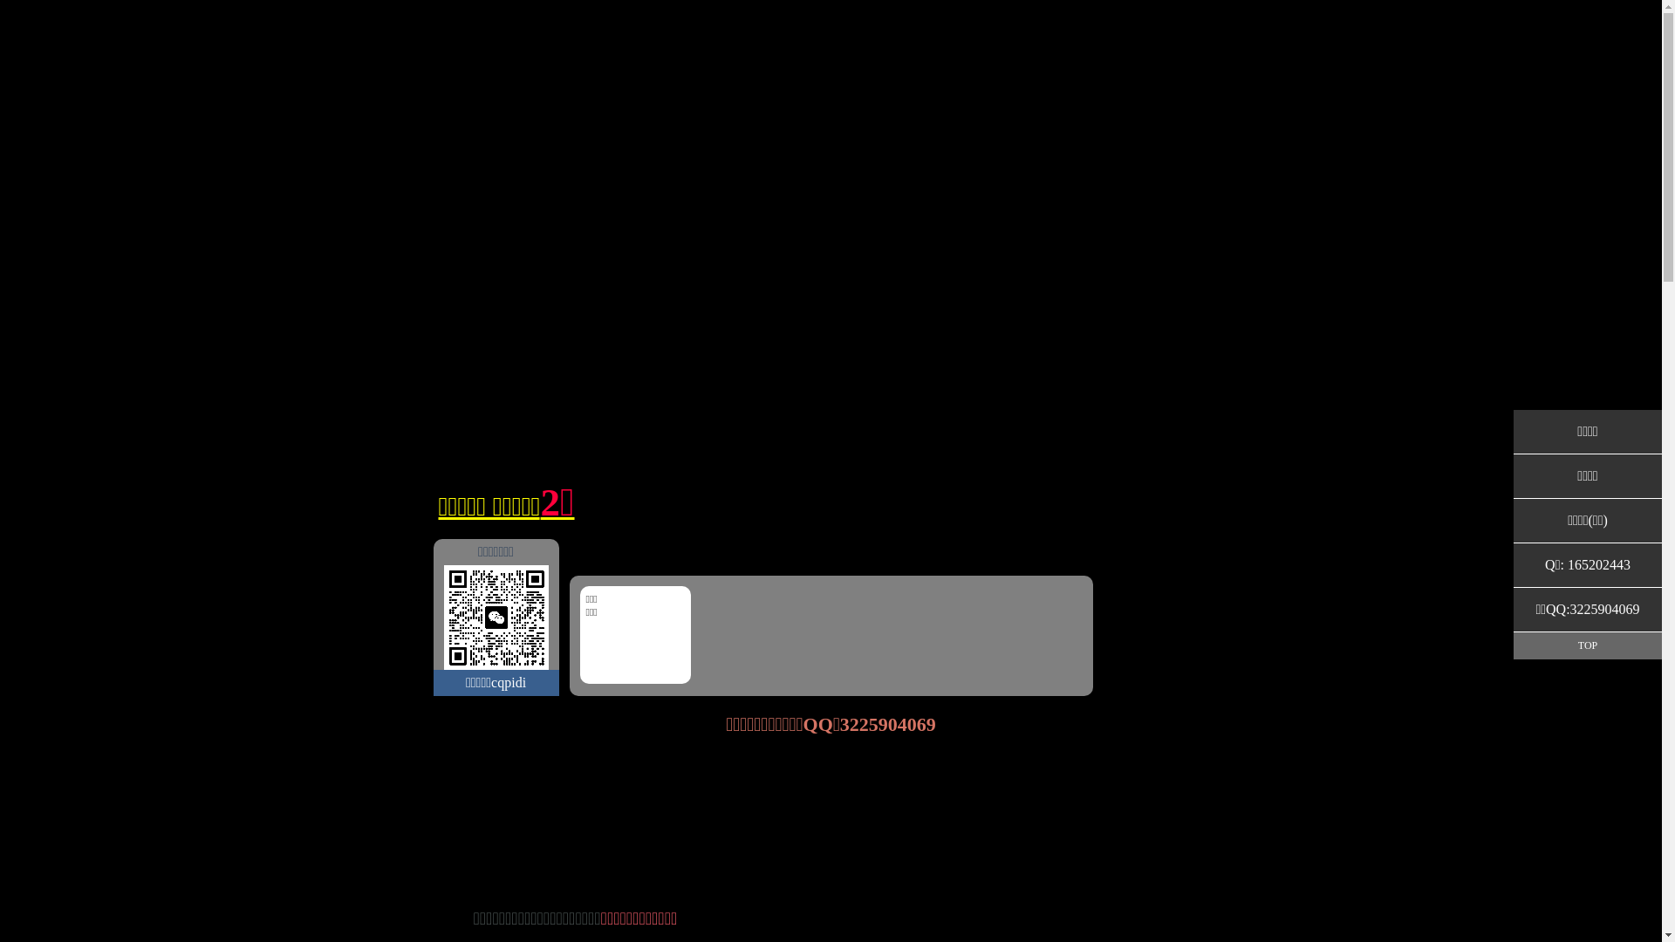 This screenshot has height=942, width=1675. Describe the element at coordinates (1512, 645) in the screenshot. I see `'TOP'` at that location.